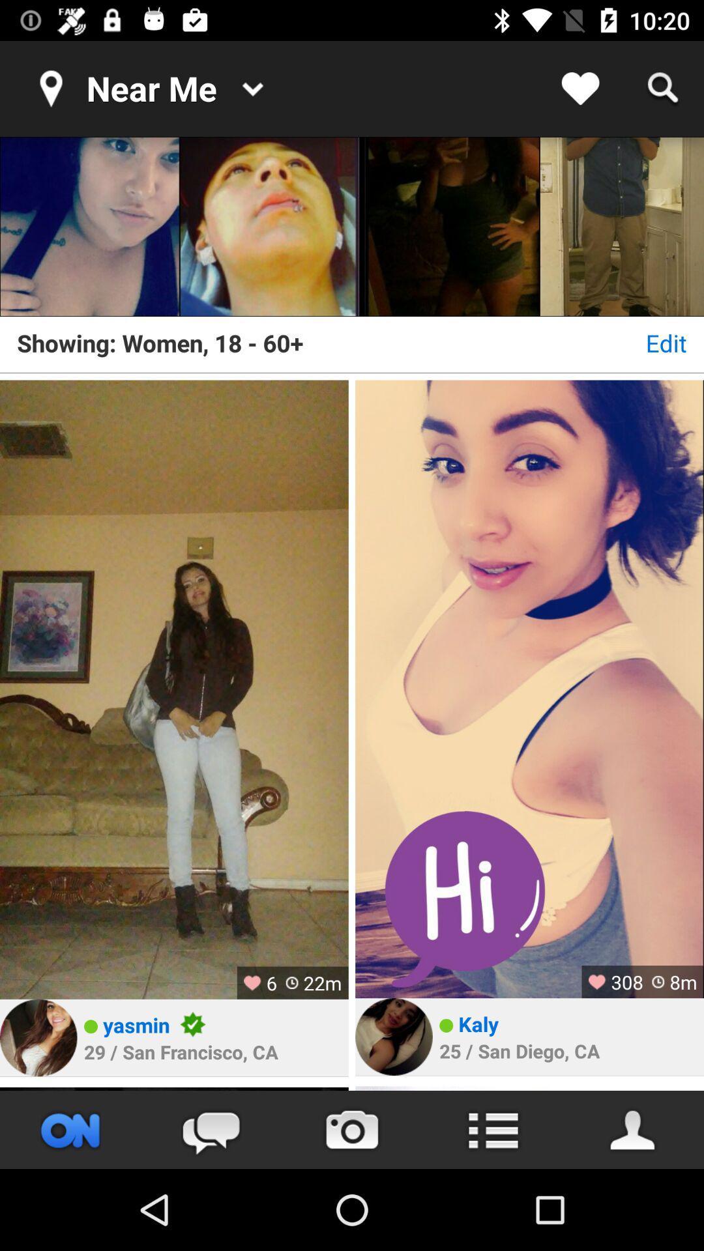 The width and height of the screenshot is (704, 1251). I want to click on item above the showing women 18, so click(269, 227).